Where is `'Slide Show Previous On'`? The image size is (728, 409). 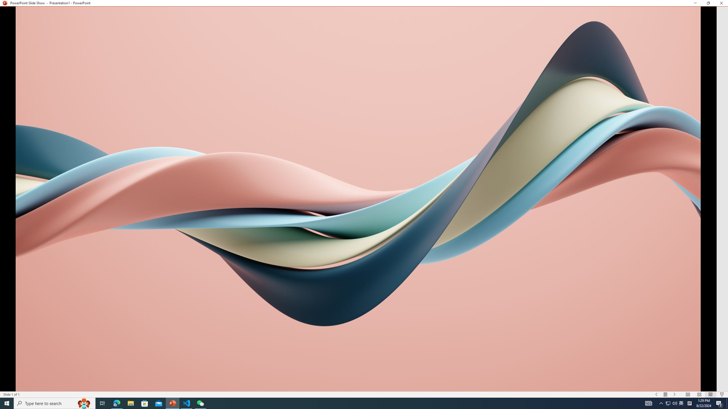 'Slide Show Previous On' is located at coordinates (656, 395).